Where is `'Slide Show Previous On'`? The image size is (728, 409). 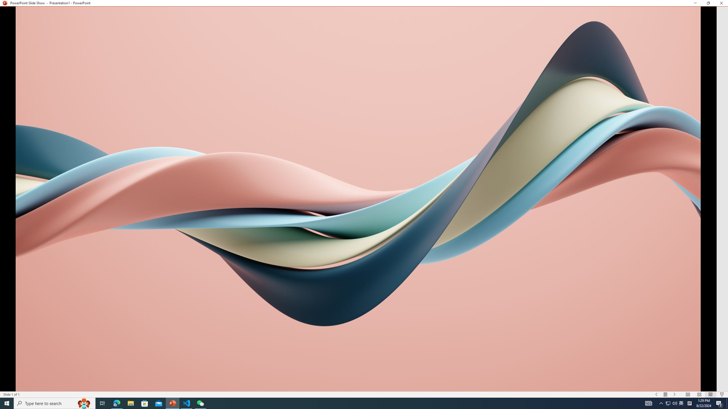 'Slide Show Previous On' is located at coordinates (656, 395).